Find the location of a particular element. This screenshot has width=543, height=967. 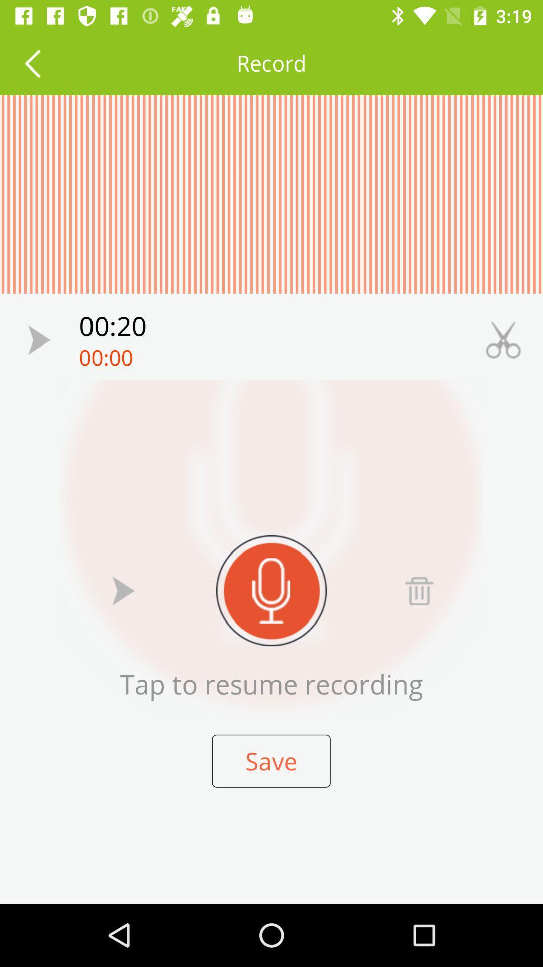

press the microphone button in the center of the screen to resume the podcast is located at coordinates (271, 590).